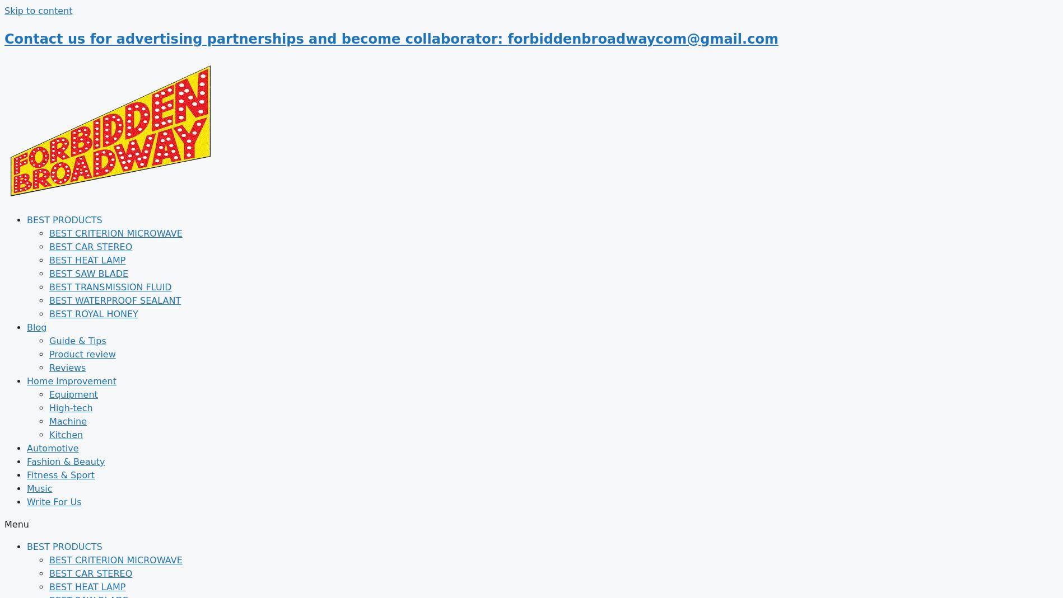 The height and width of the screenshot is (598, 1063). I want to click on 'Fashion & Beauty', so click(66, 461).